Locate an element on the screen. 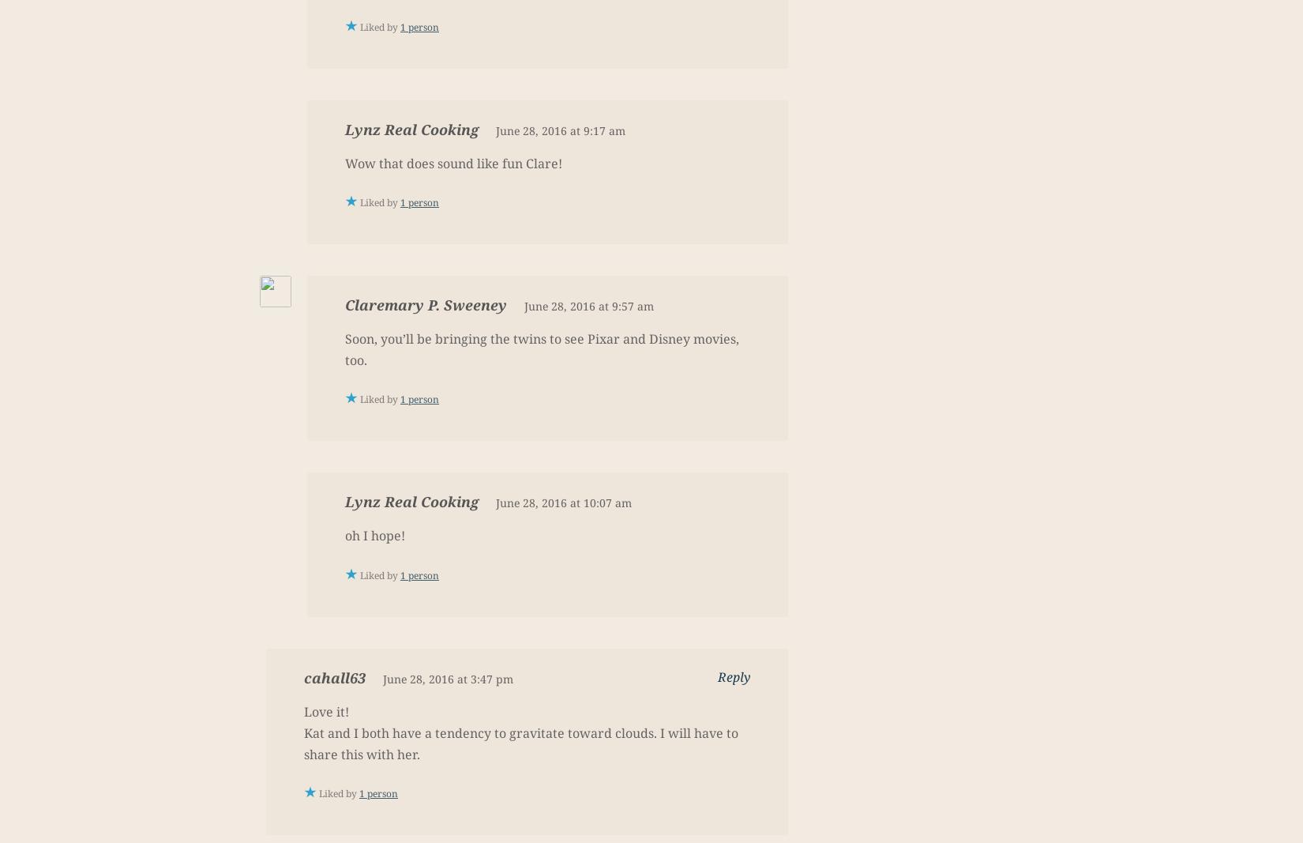 Image resolution: width=1303 pixels, height=843 pixels. 'June 28, 2016 at 10:07 am' is located at coordinates (562, 502).